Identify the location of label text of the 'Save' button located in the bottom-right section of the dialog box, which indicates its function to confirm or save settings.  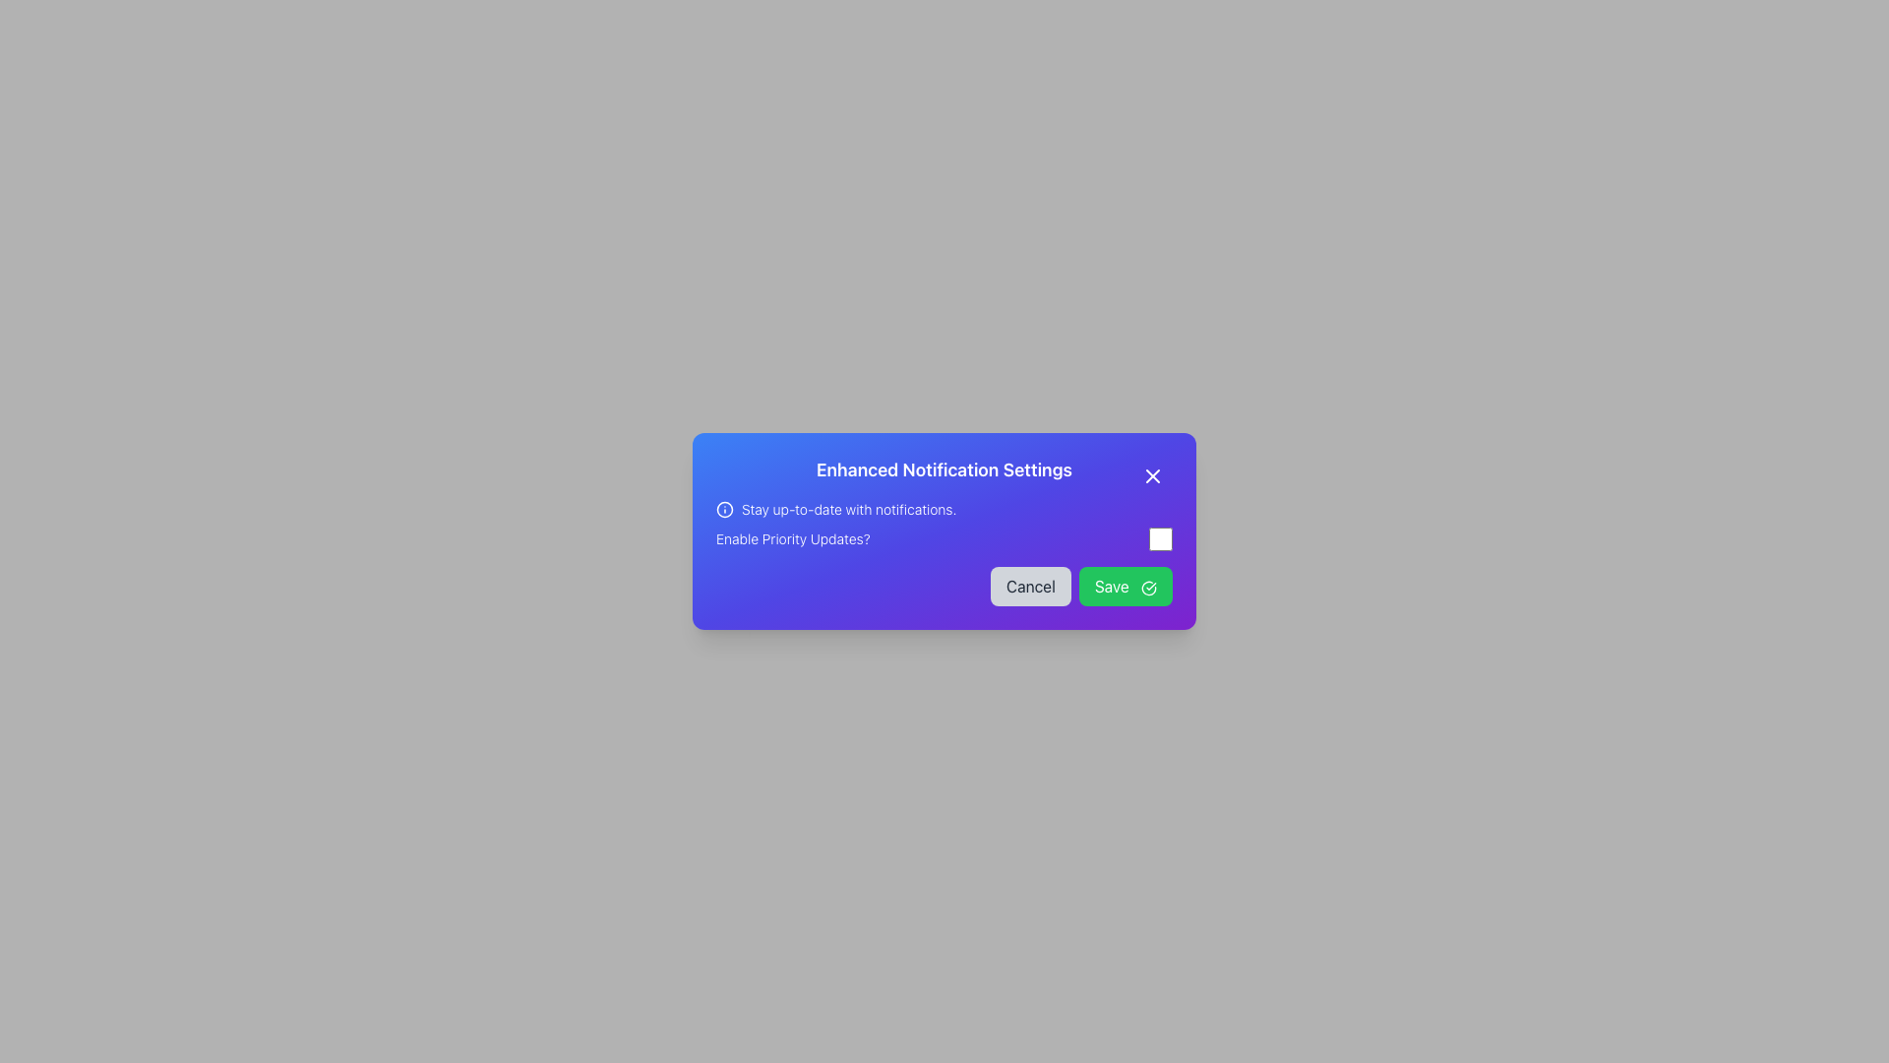
(1112, 586).